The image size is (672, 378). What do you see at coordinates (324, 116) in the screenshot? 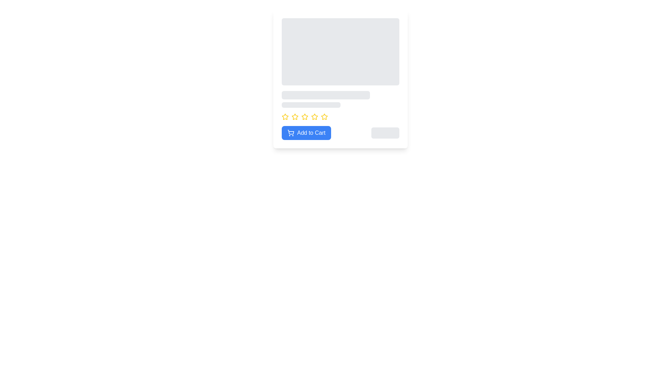
I see `the fifth rating star located at the bottom central area of the interface to provide feedback or rate an item` at bounding box center [324, 116].